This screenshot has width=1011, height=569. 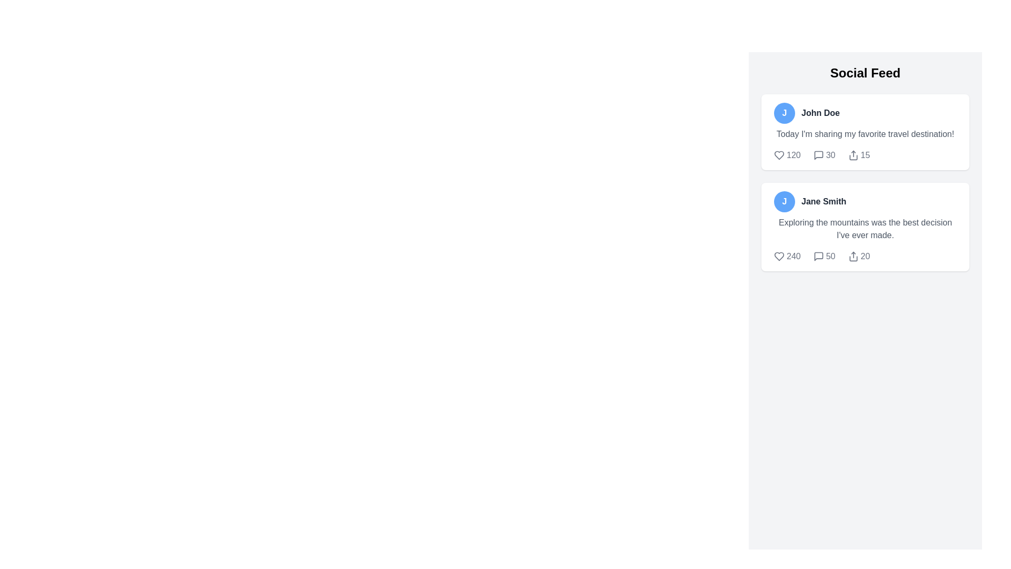 I want to click on the 'like' button located in the first post block of the 'Social Feed' section, so click(x=779, y=155).